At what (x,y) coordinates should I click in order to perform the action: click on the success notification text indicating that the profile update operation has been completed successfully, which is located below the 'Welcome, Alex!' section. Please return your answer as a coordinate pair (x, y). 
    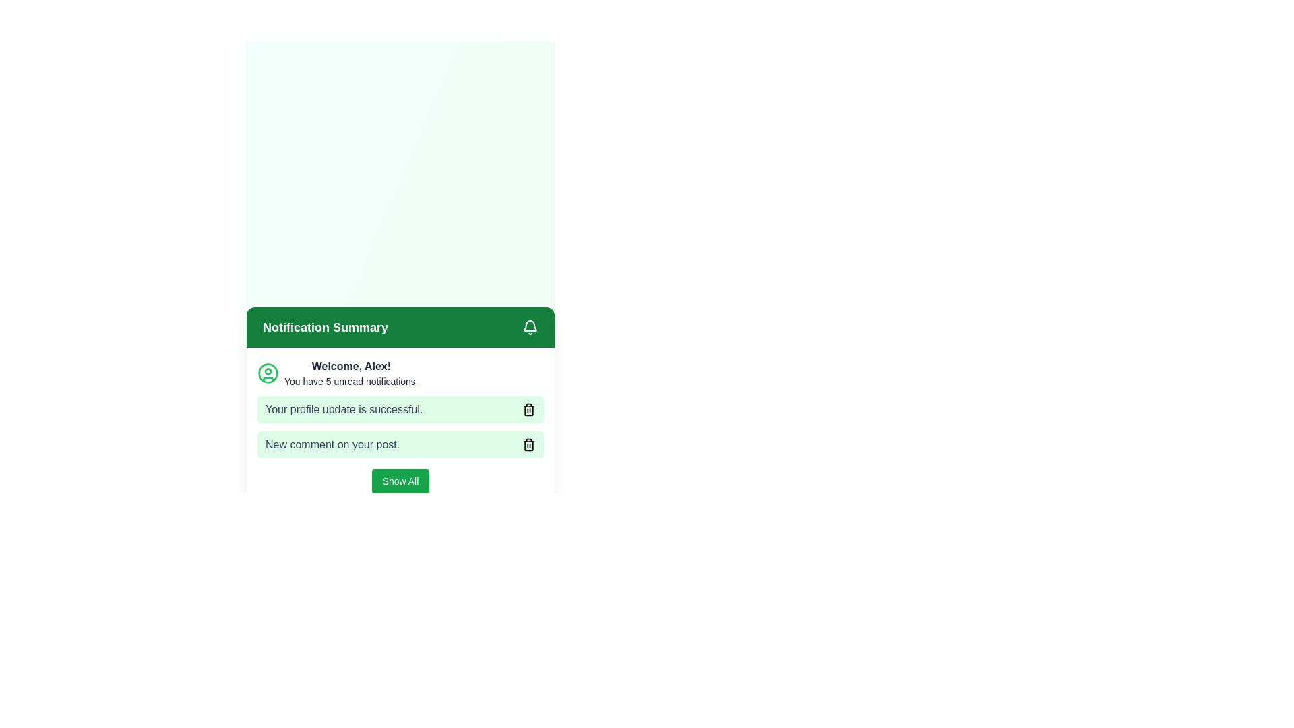
    Looking at the image, I should click on (344, 409).